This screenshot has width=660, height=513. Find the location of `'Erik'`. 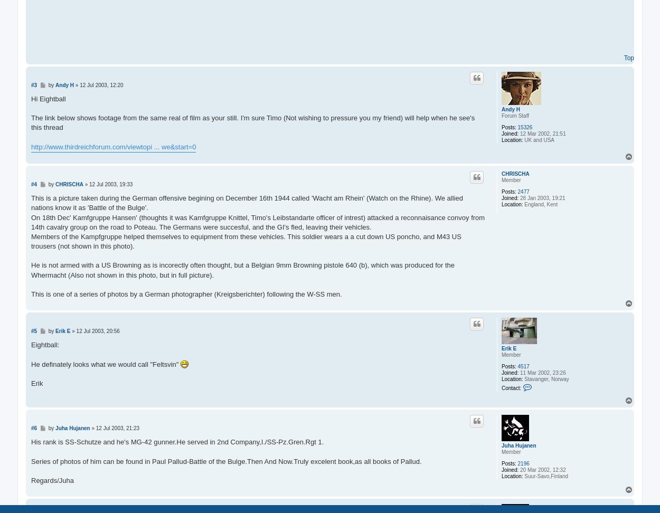

'Erik' is located at coordinates (36, 383).